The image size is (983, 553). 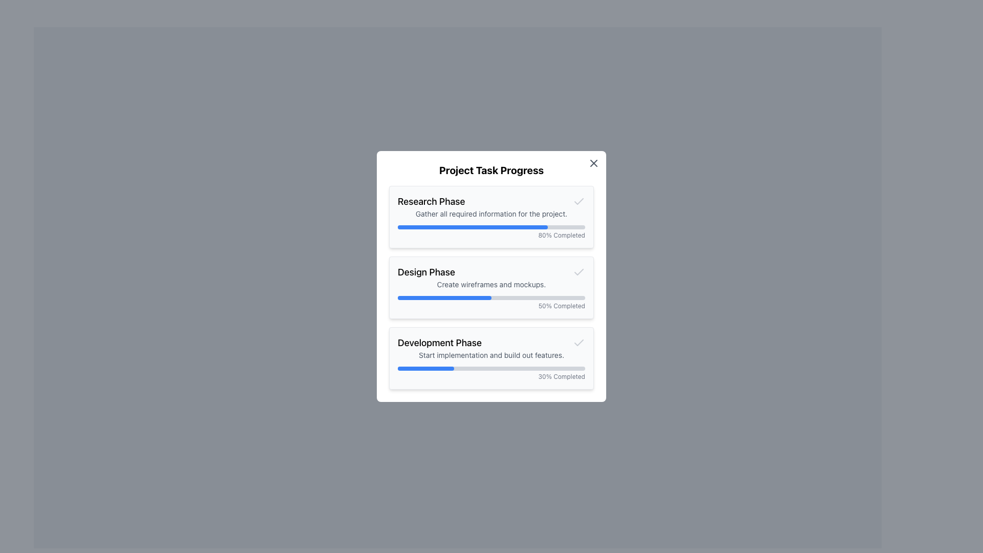 I want to click on the button with a blue background and white text labeled 'Open Task Progress', so click(x=457, y=303).